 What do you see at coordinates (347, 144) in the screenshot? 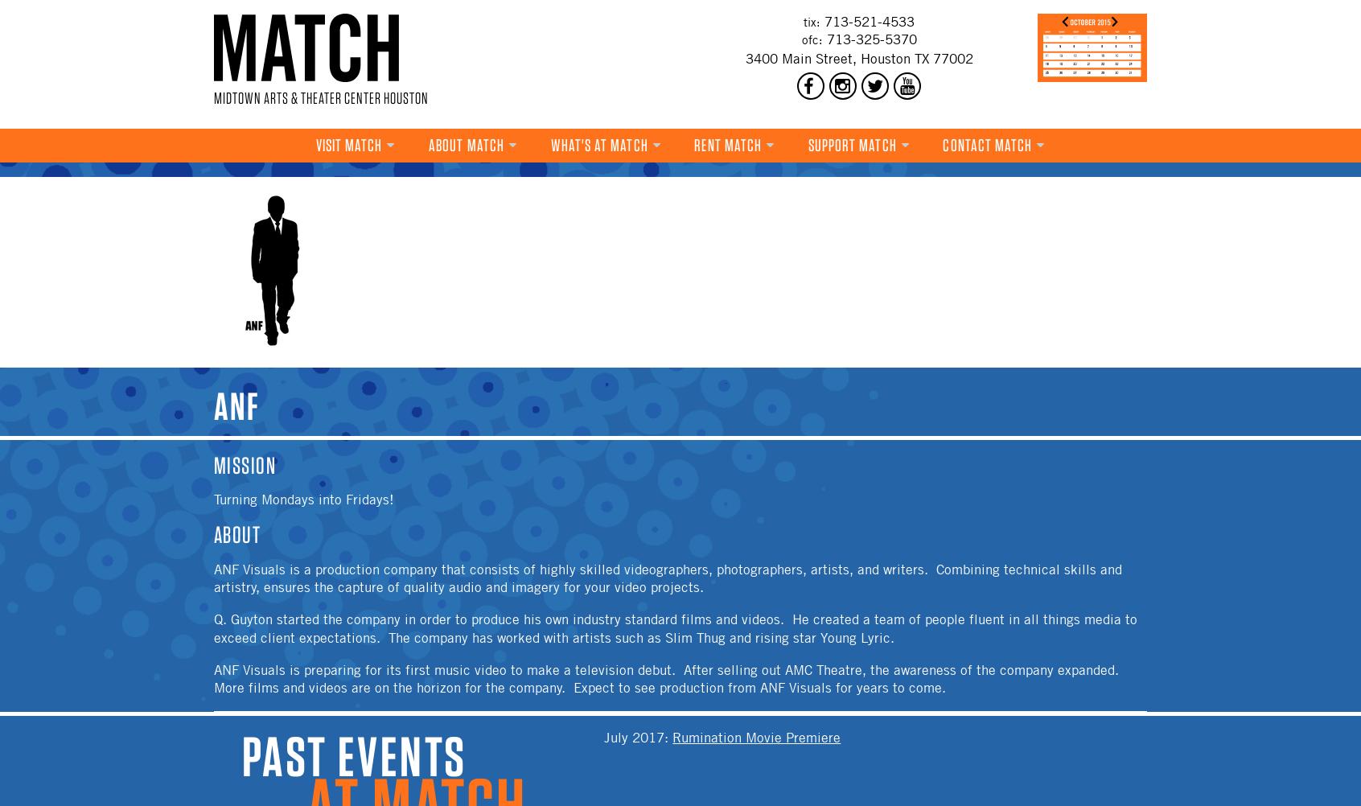
I see `'VISIT MATCH'` at bounding box center [347, 144].